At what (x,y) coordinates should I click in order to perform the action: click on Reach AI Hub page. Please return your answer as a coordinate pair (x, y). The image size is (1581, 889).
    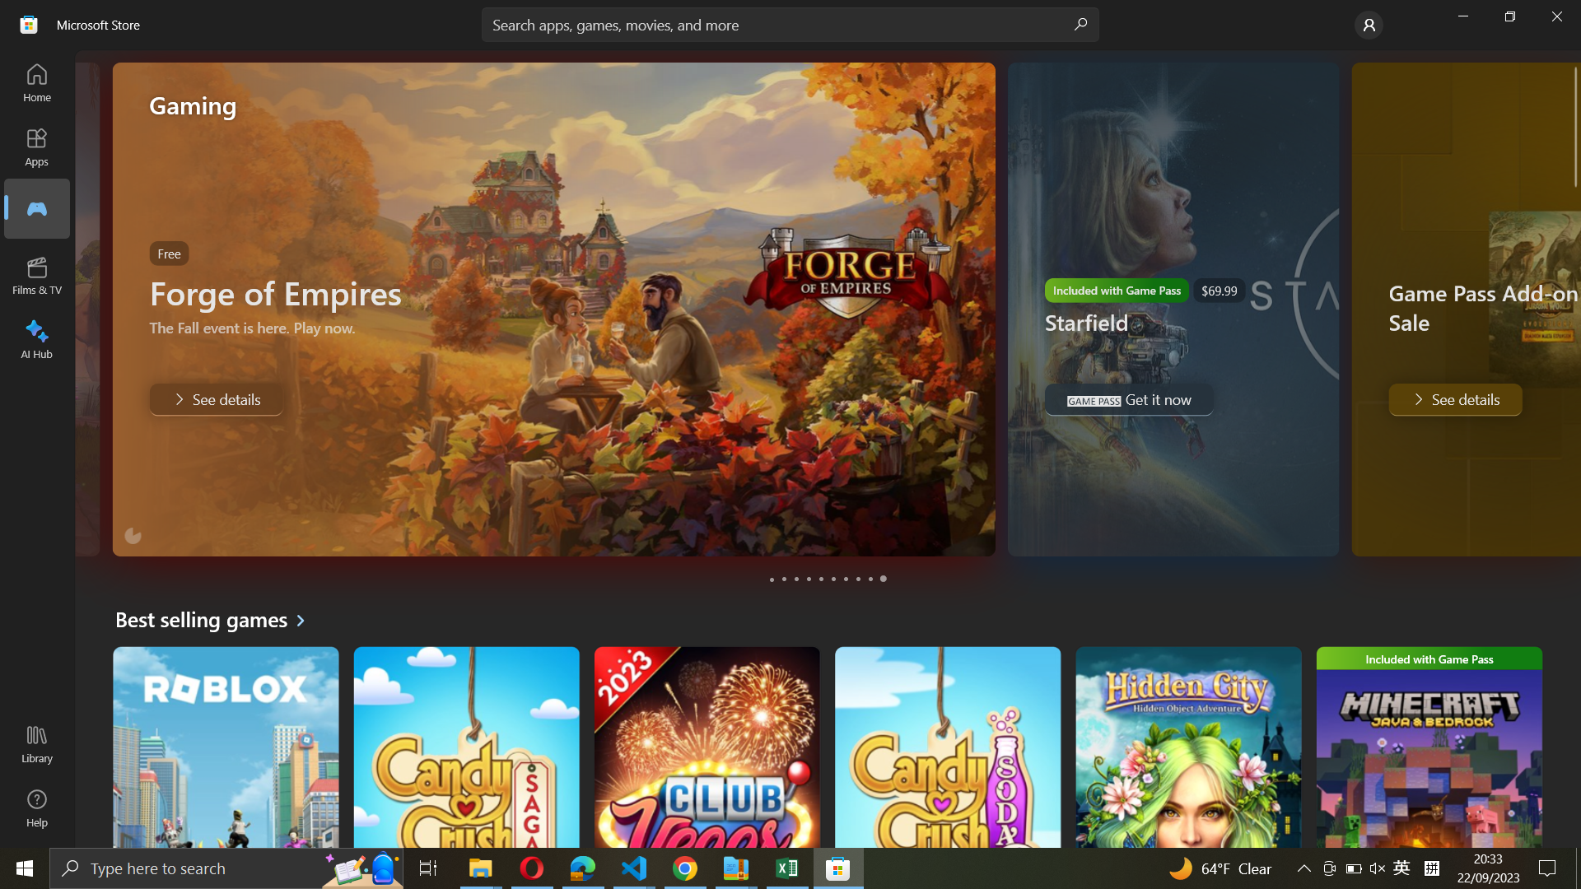
    Looking at the image, I should click on (38, 336).